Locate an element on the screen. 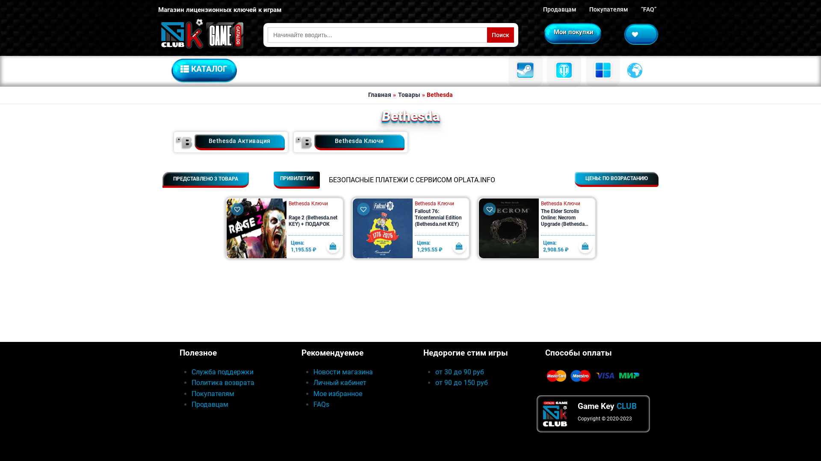 The height and width of the screenshot is (461, 821). 'GameKey.CLUB' is located at coordinates (202, 34).